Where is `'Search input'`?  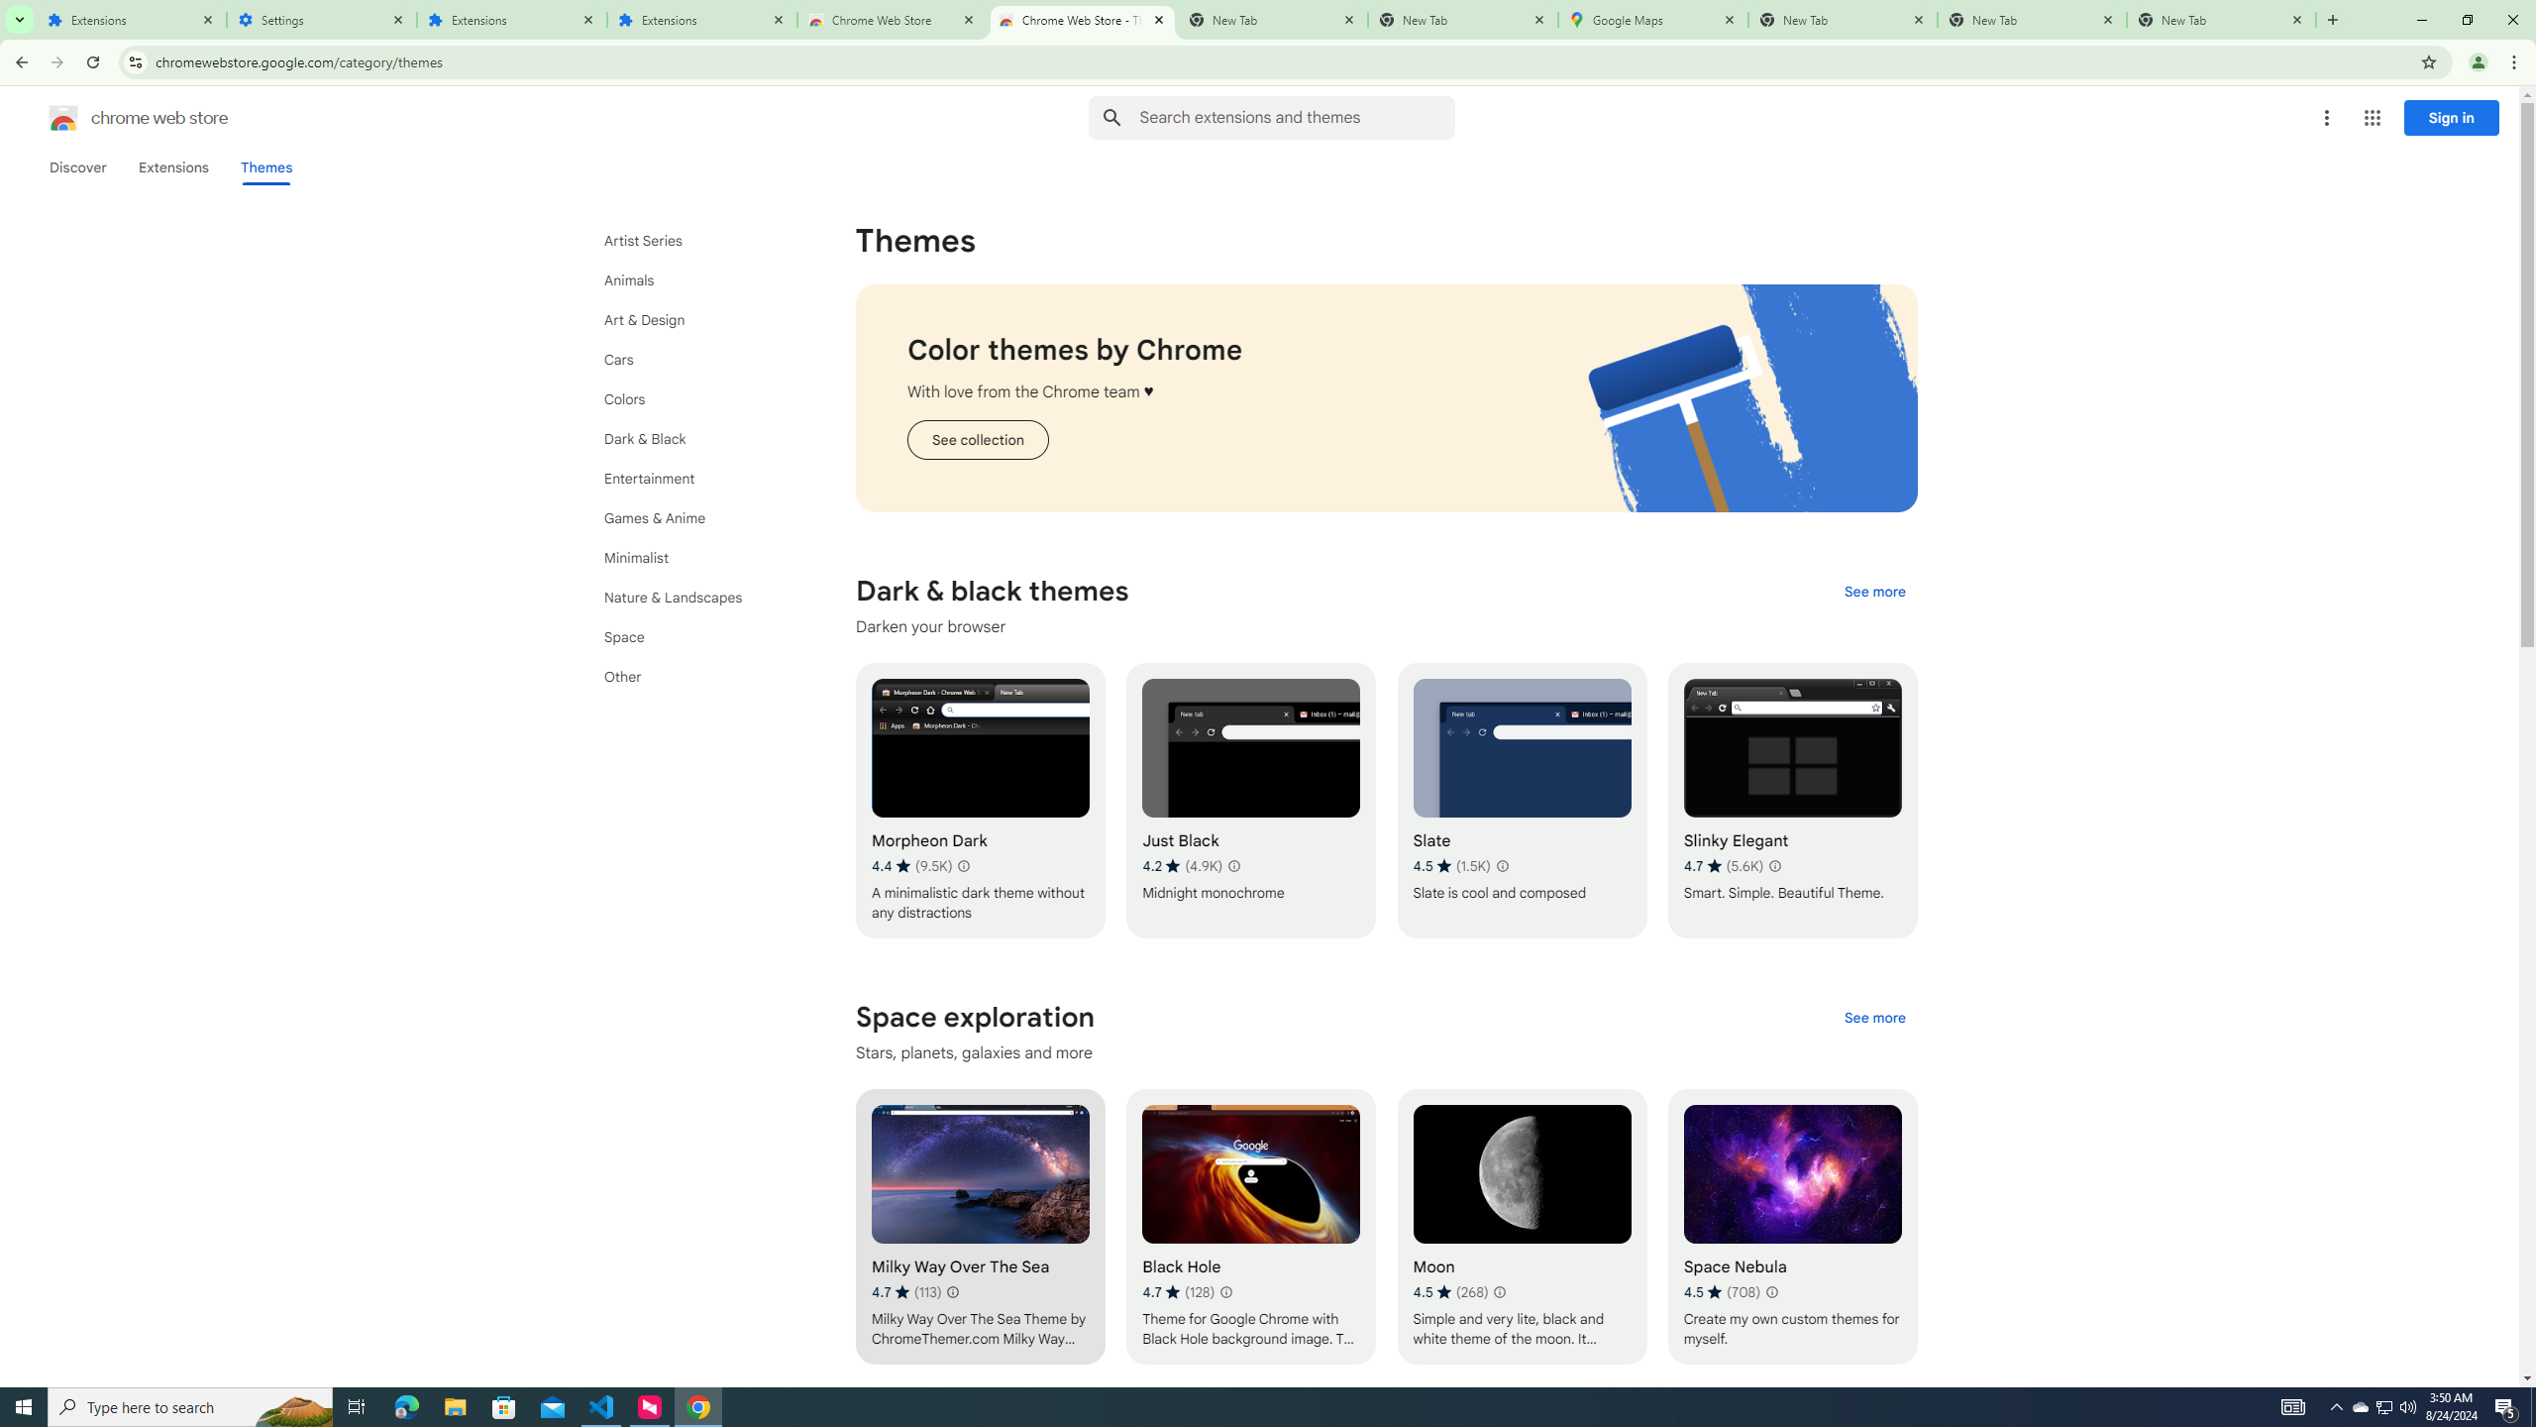 'Search input' is located at coordinates (1296, 117).